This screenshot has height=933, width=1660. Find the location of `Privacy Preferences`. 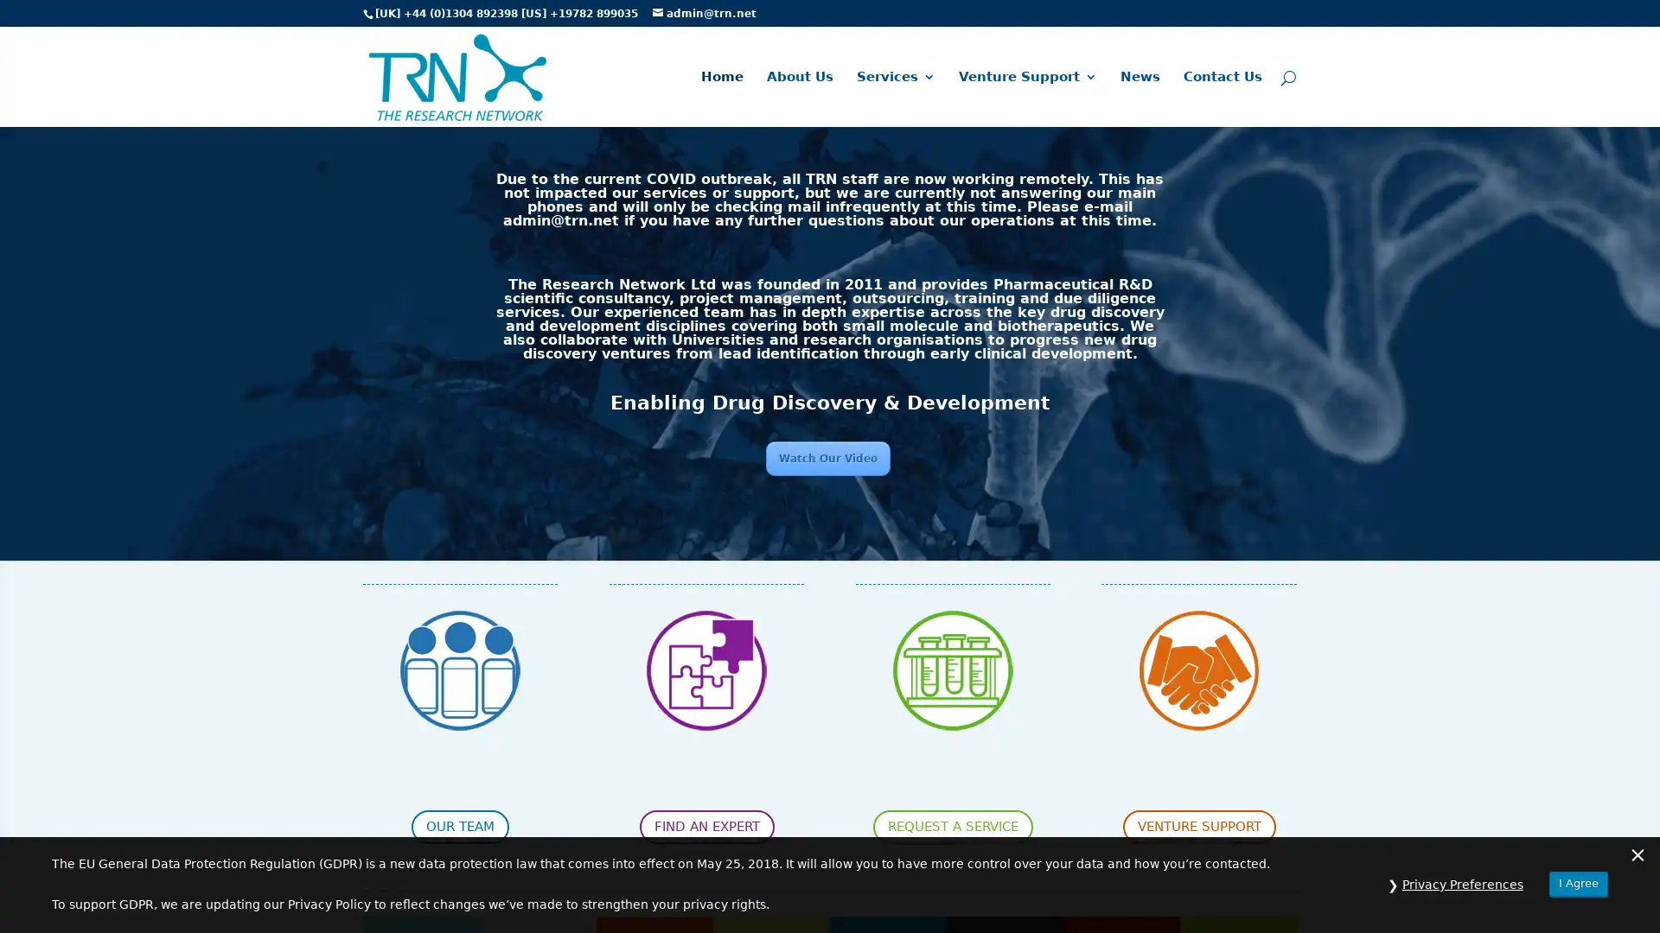

Privacy Preferences is located at coordinates (1462, 884).